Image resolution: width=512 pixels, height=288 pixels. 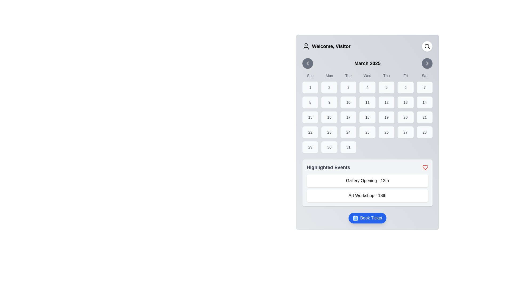 What do you see at coordinates (310, 102) in the screenshot?
I see `the button representing the 8th day of the month in the date picker, located in the third row and first column under the 'Sun' label` at bounding box center [310, 102].